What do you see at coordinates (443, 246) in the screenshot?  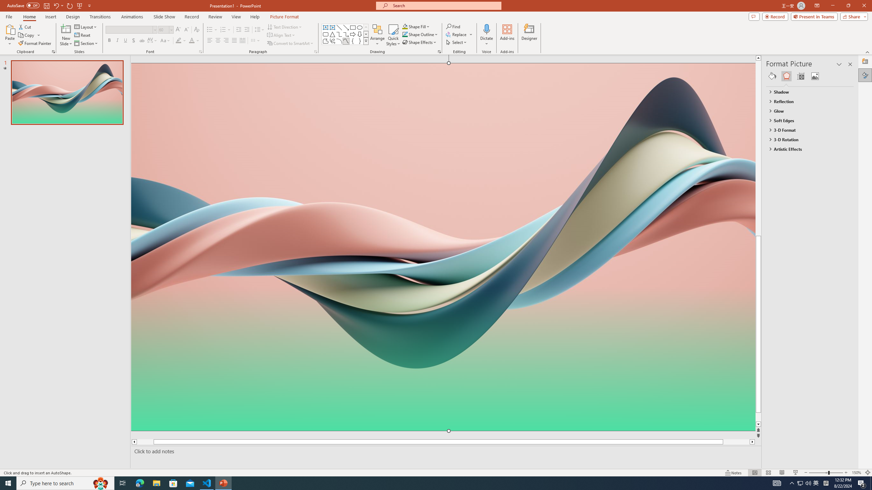 I see `'Wavy 3D art'` at bounding box center [443, 246].